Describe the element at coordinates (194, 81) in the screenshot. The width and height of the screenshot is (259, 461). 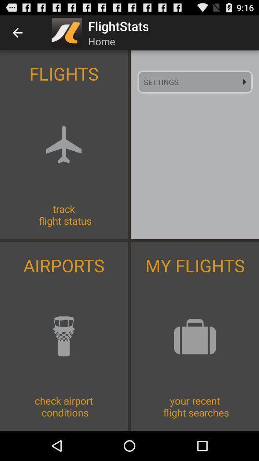
I see `the item below the flightstats` at that location.